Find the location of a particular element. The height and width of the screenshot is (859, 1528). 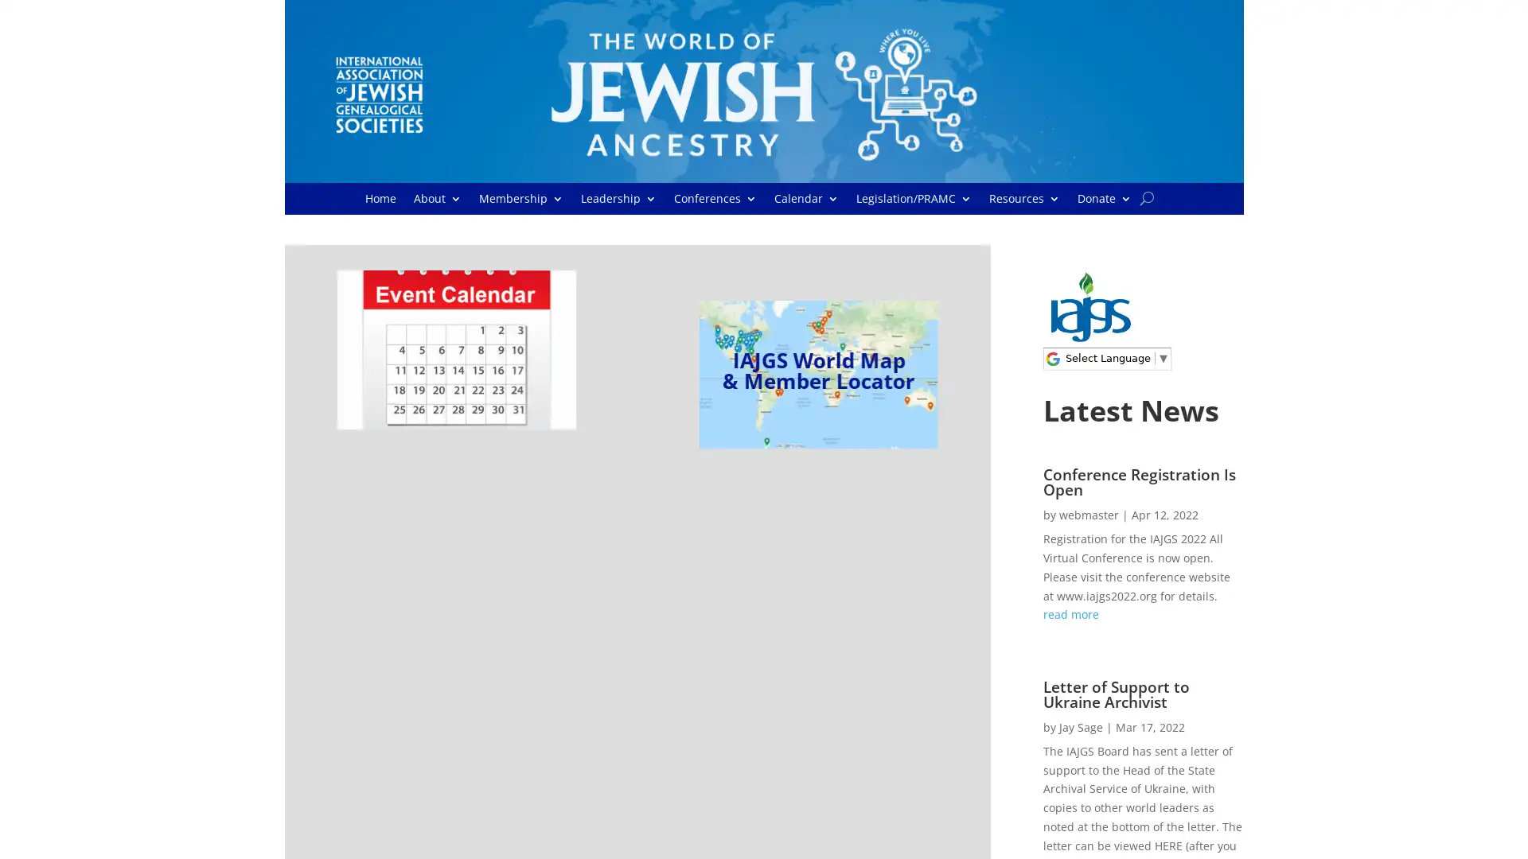

U is located at coordinates (1147, 197).